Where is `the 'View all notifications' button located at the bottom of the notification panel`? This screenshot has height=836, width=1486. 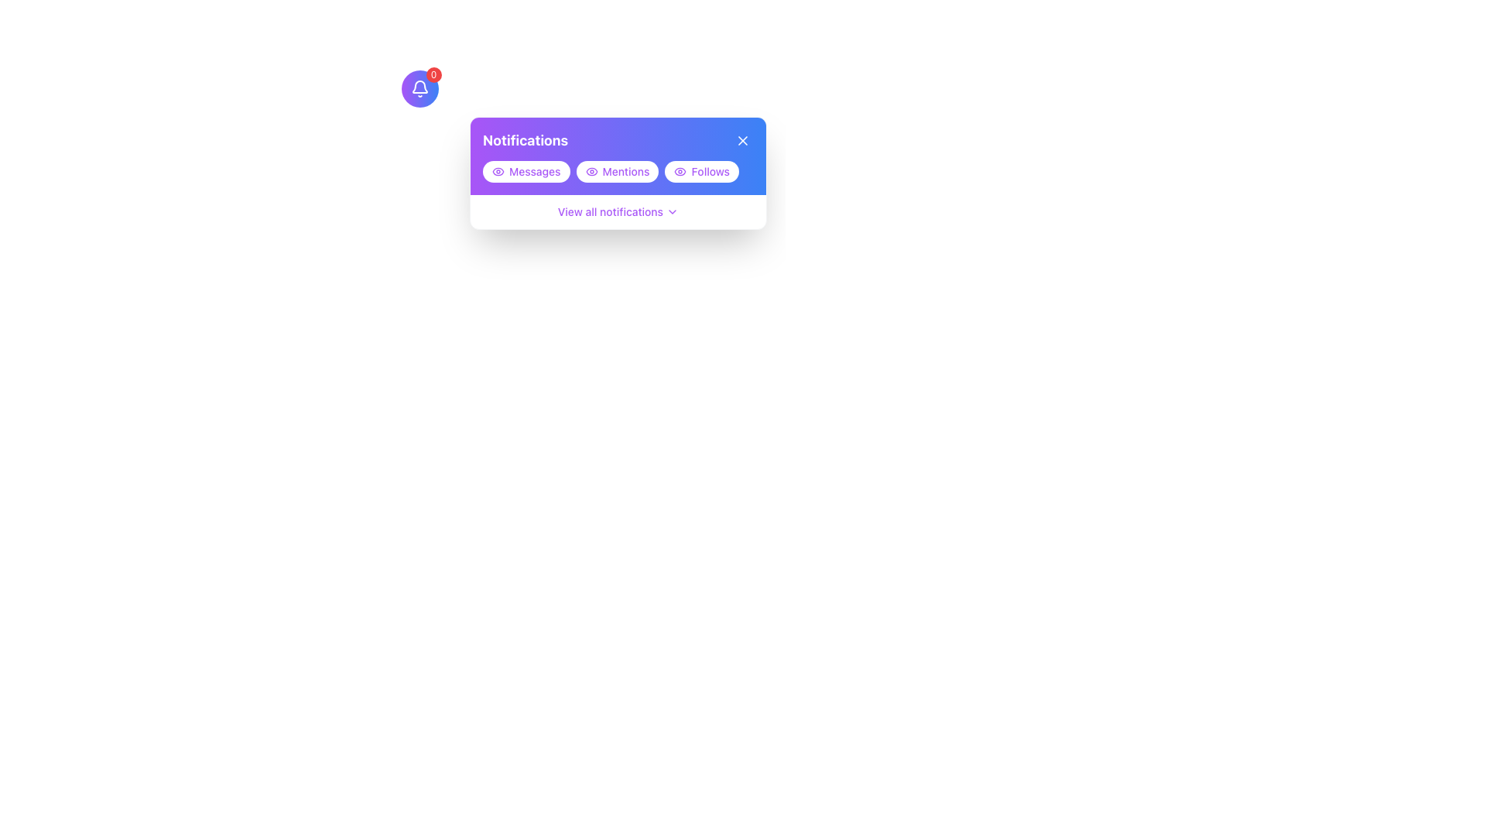 the 'View all notifications' button located at the bottom of the notification panel is located at coordinates (617, 211).